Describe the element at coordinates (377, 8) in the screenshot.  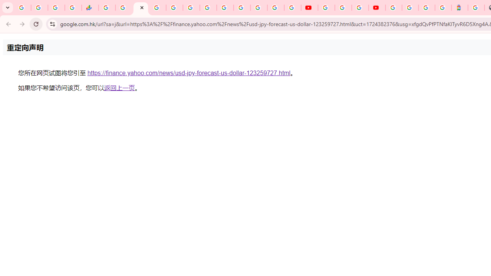
I see `'Content Creator Programs & Opportunities - YouTube Creators'` at that location.